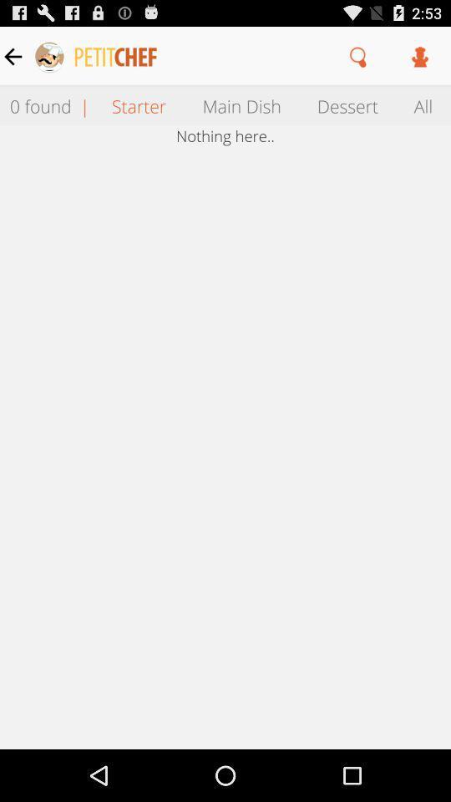 The image size is (451, 802). I want to click on the dessert item, so click(347, 104).